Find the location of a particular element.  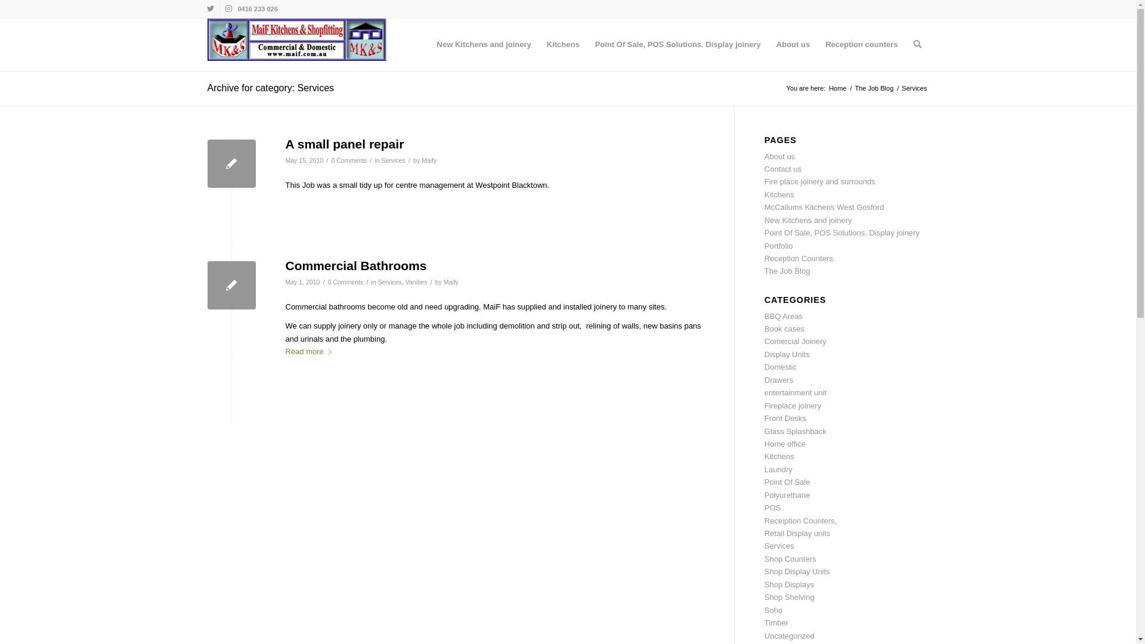

'Vanities' is located at coordinates (416, 282).